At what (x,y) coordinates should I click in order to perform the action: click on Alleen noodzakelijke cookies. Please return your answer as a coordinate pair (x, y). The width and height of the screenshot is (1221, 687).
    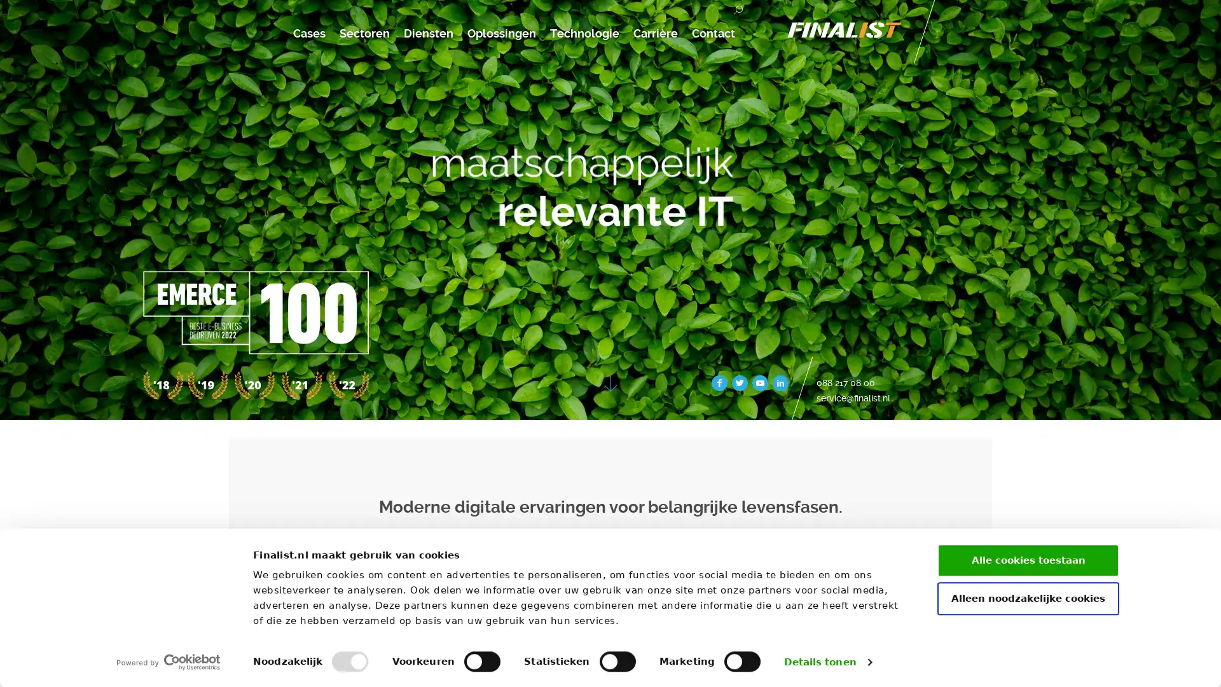
    Looking at the image, I should click on (1028, 598).